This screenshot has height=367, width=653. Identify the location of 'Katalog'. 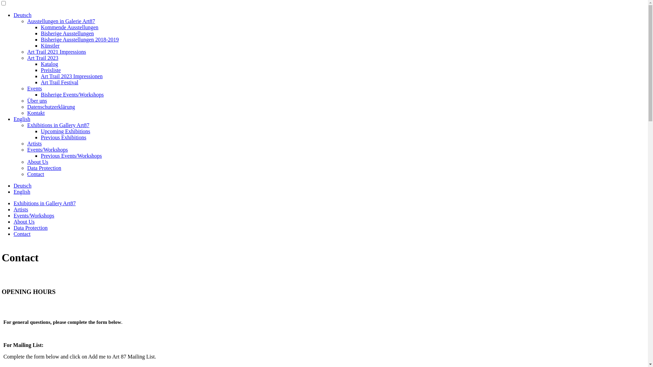
(49, 64).